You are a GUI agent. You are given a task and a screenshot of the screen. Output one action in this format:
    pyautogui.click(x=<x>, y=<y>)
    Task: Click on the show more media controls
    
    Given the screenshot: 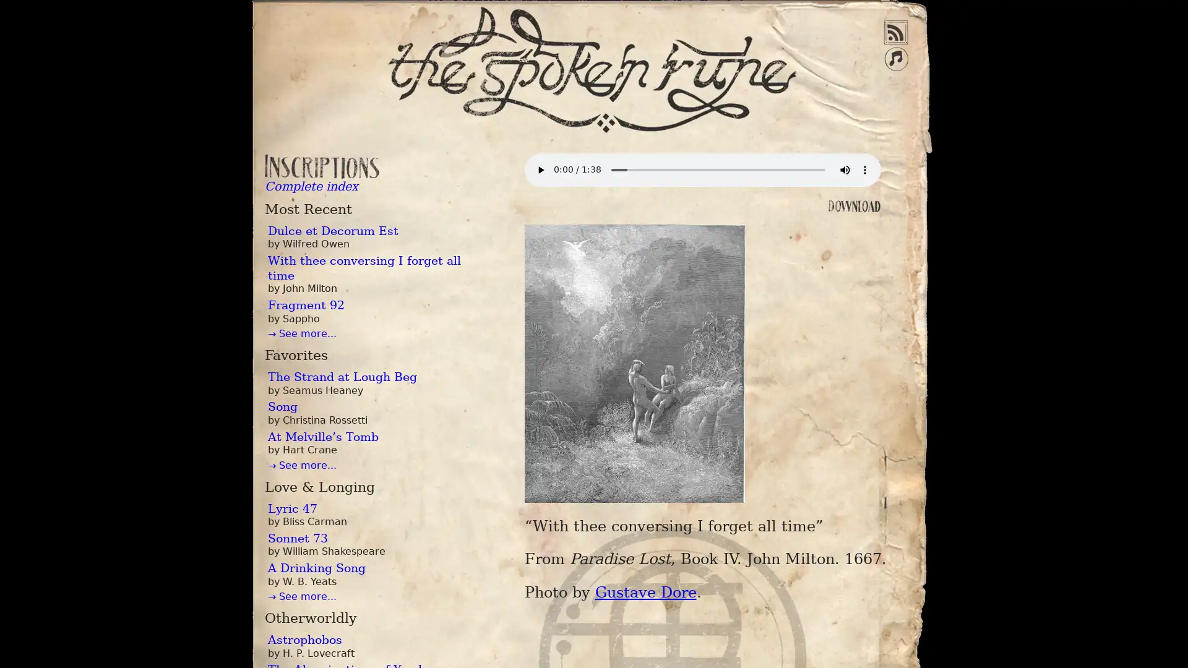 What is the action you would take?
    pyautogui.click(x=863, y=169)
    